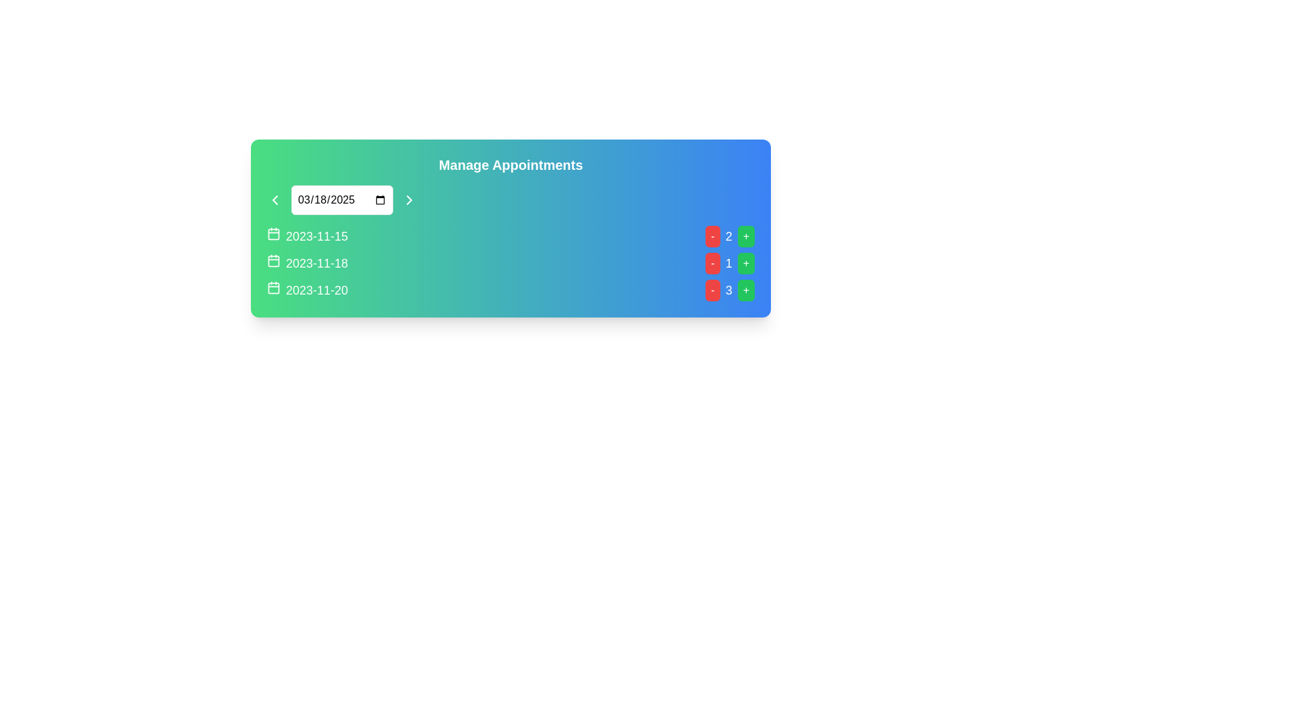 The image size is (1295, 728). Describe the element at coordinates (729, 290) in the screenshot. I see `the green button with a plus sign ('+') to increase the value in the compound control element that also contains a red minus button and a numeric display showing '3'` at that location.